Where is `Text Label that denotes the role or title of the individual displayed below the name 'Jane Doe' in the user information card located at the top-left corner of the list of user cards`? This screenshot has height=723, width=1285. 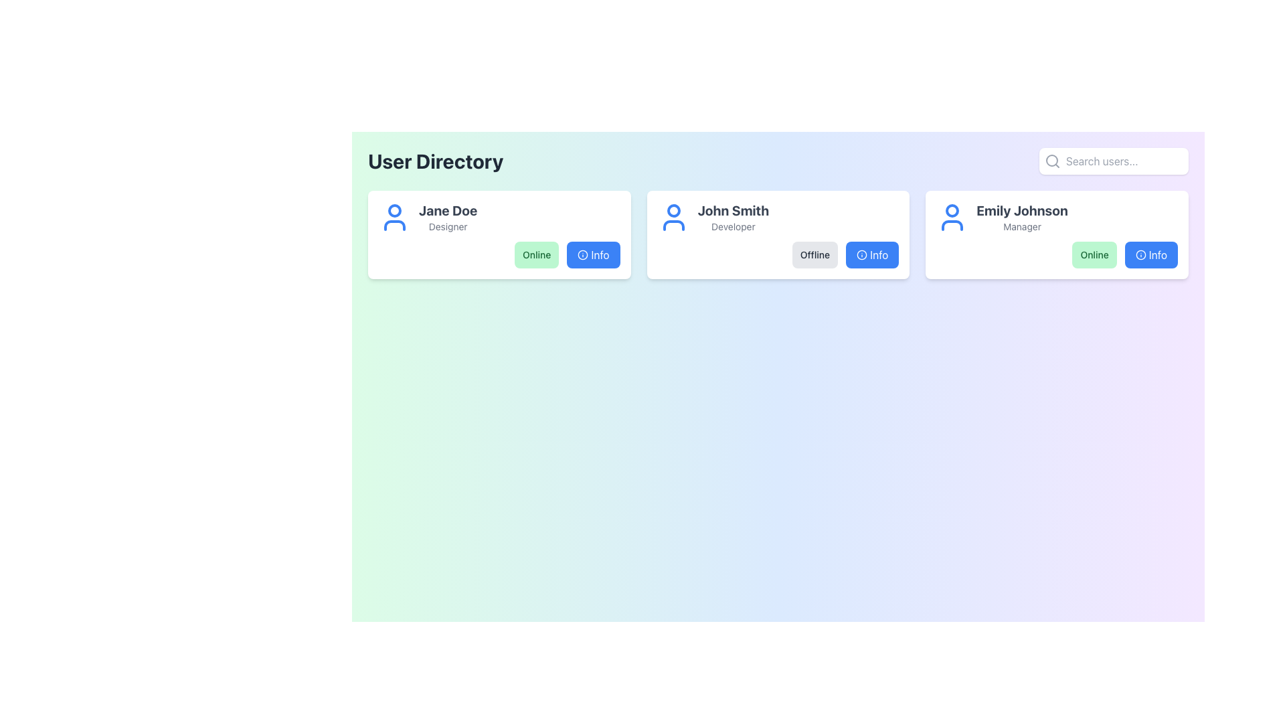
Text Label that denotes the role or title of the individual displayed below the name 'Jane Doe' in the user information card located at the top-left corner of the list of user cards is located at coordinates (448, 226).